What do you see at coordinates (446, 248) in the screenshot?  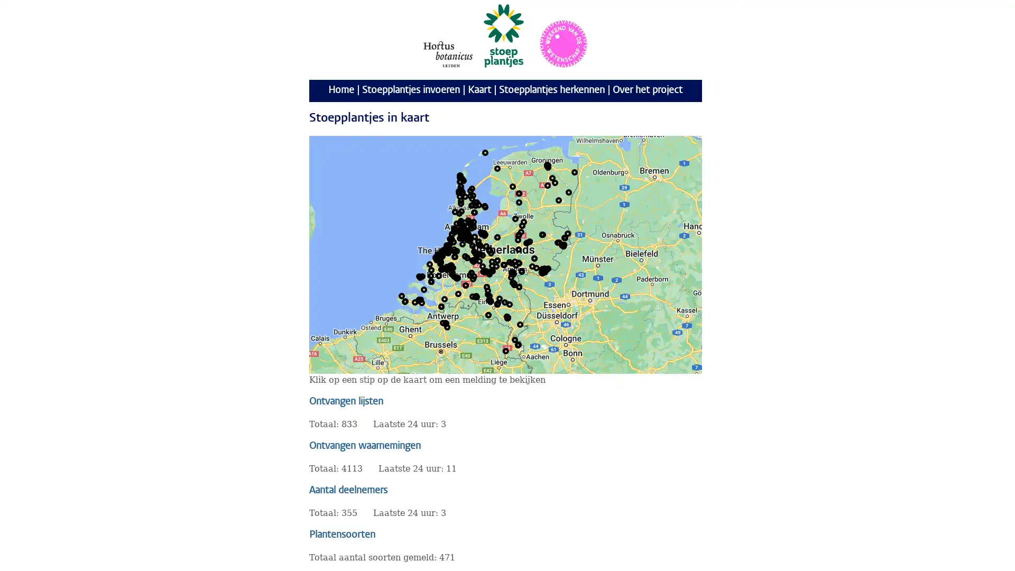 I see `Telling van op 07 november 2021` at bounding box center [446, 248].